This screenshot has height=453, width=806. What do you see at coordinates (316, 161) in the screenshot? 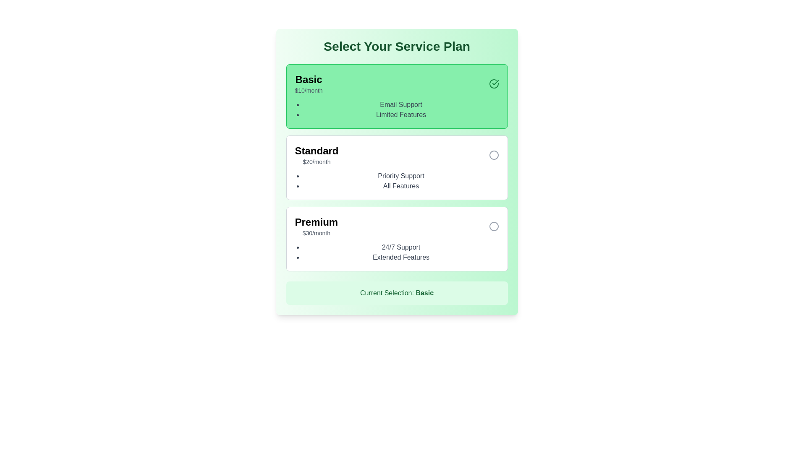
I see `the pricing information text label showing '$20/month' located directly underneath the title 'Standard' in the plan section` at bounding box center [316, 161].